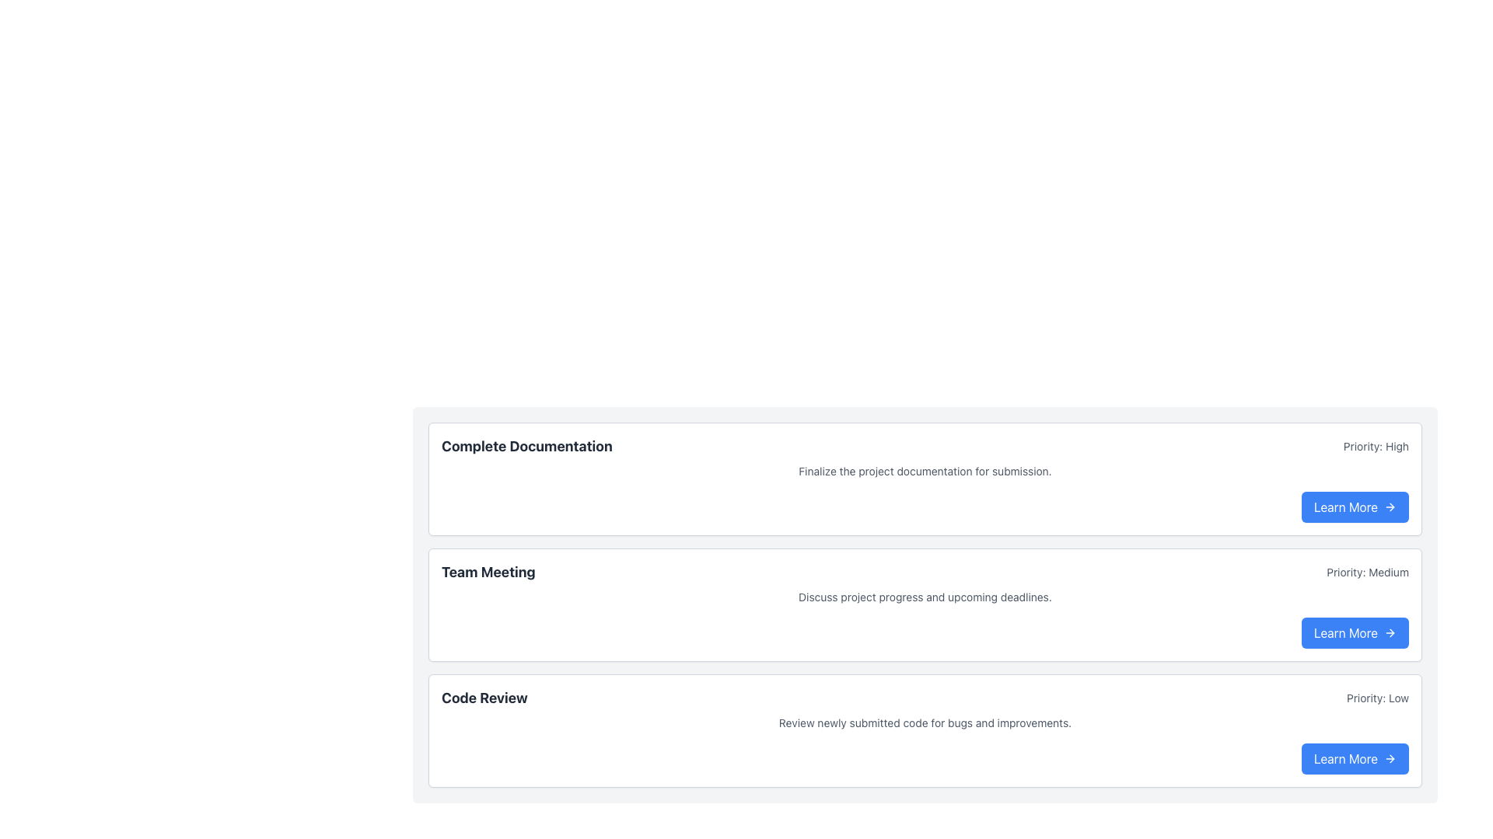 Image resolution: width=1493 pixels, height=839 pixels. Describe the element at coordinates (925, 722) in the screenshot. I see `the Text Label that provides information about the task 'Review newly submitted code for bugs and improvements' within the 'Code Review' card, located beneath the summary text 'Priority: Low' and above the 'Learn More' button` at that location.